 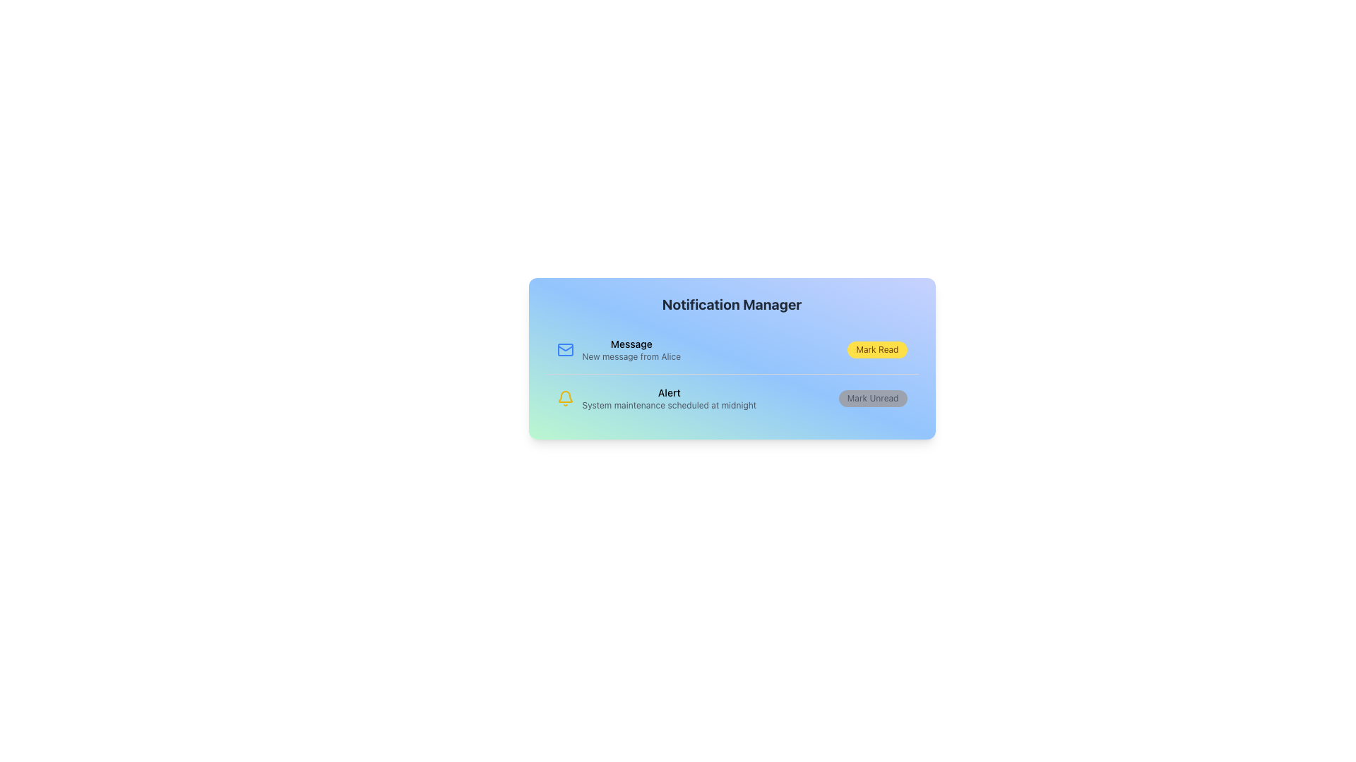 What do you see at coordinates (631, 344) in the screenshot?
I see `text label that reads 'Message' located in the notification card under 'Notification Manager.'` at bounding box center [631, 344].